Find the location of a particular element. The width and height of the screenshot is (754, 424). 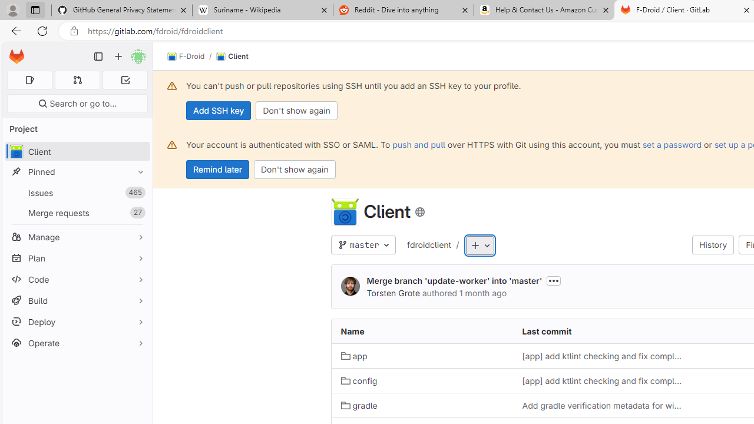

'push and pull' is located at coordinates (419, 144).